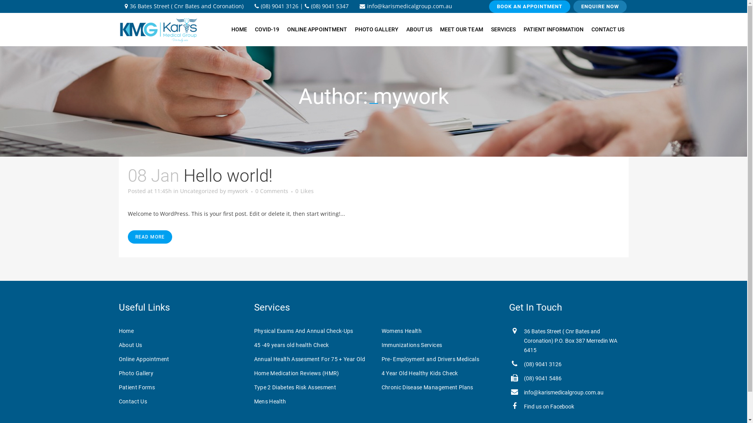 The height and width of the screenshot is (423, 753). I want to click on 'info@karismedicalgroup.com.au', so click(405, 6).